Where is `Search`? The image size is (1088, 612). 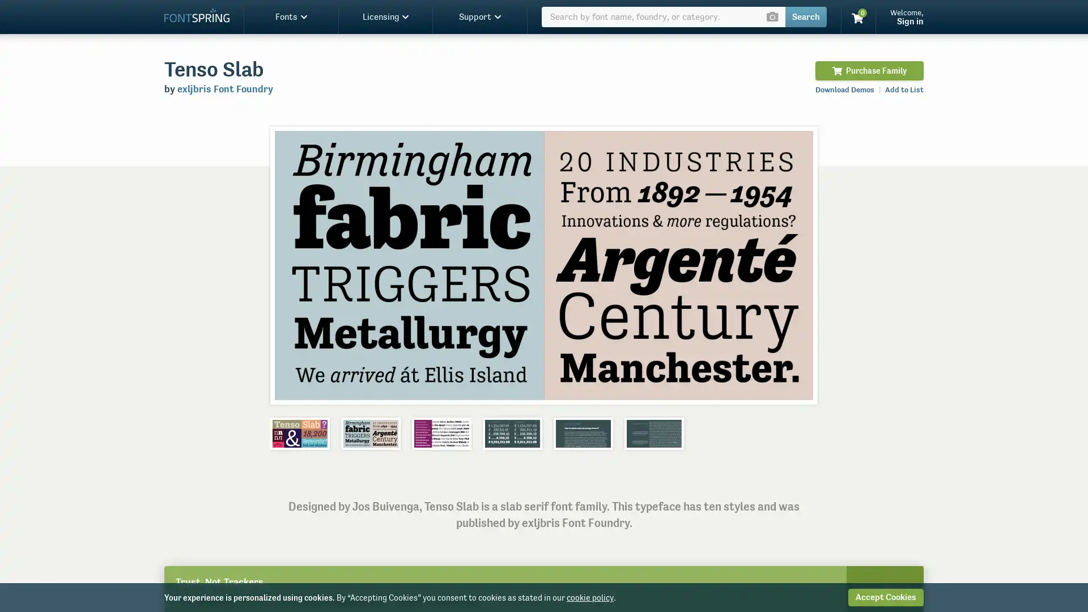
Search is located at coordinates (805, 17).